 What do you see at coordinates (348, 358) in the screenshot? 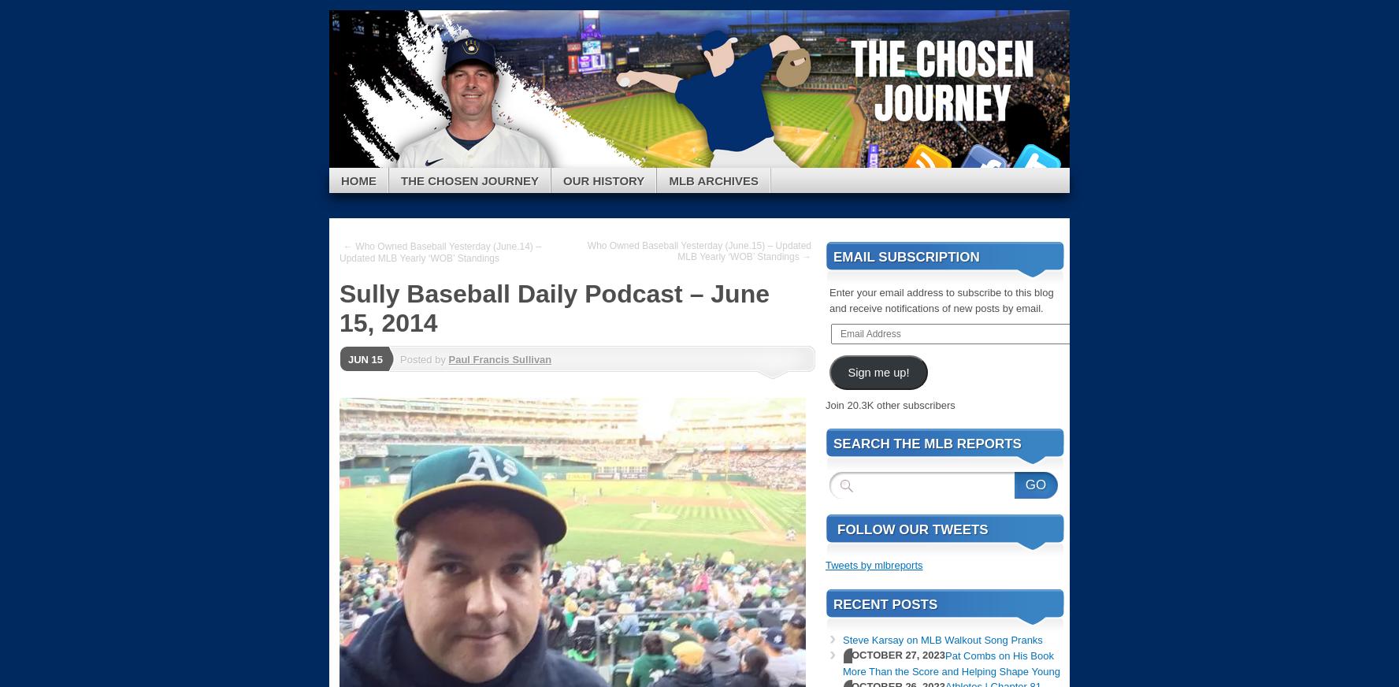
I see `'Jun 15'` at bounding box center [348, 358].